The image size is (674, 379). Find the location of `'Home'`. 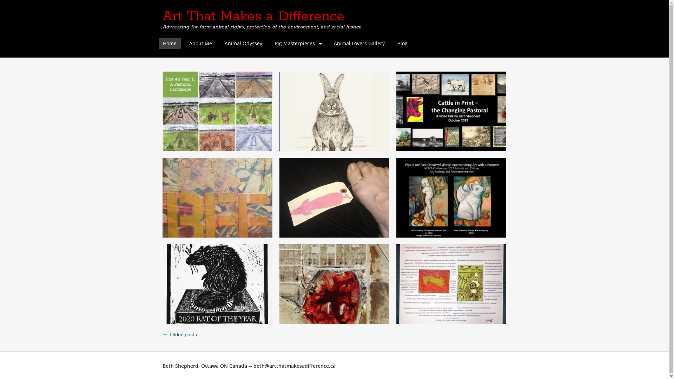

'Home' is located at coordinates (170, 43).